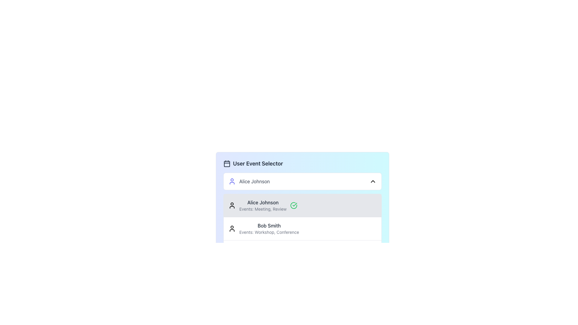  Describe the element at coordinates (254, 181) in the screenshot. I see `the static text displaying 'Alice Johnson' styled in gray color` at that location.